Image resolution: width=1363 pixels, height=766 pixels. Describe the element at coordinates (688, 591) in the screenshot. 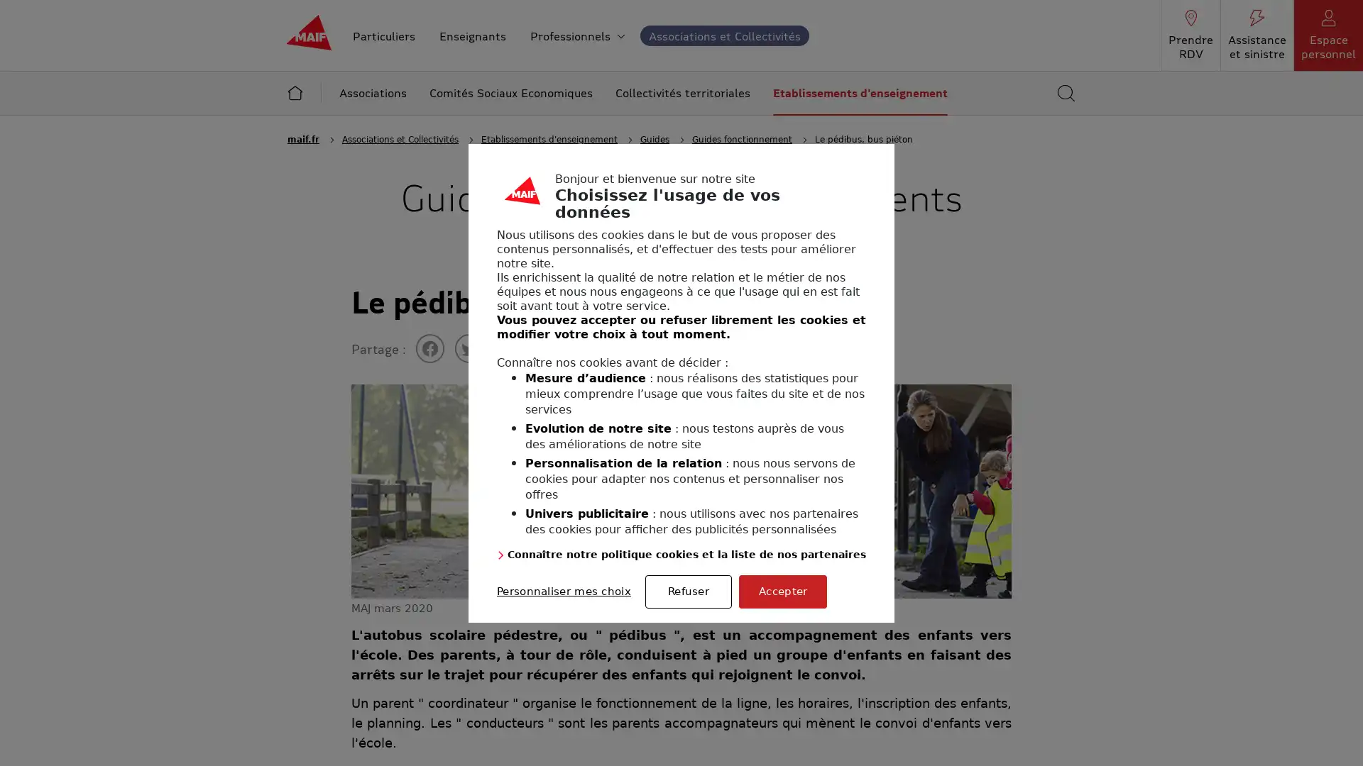

I see `Refuser` at that location.